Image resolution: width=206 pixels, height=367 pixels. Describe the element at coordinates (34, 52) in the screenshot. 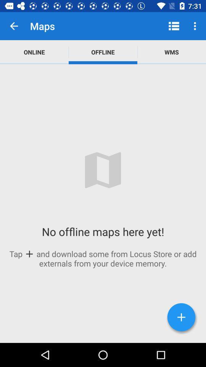

I see `online` at that location.